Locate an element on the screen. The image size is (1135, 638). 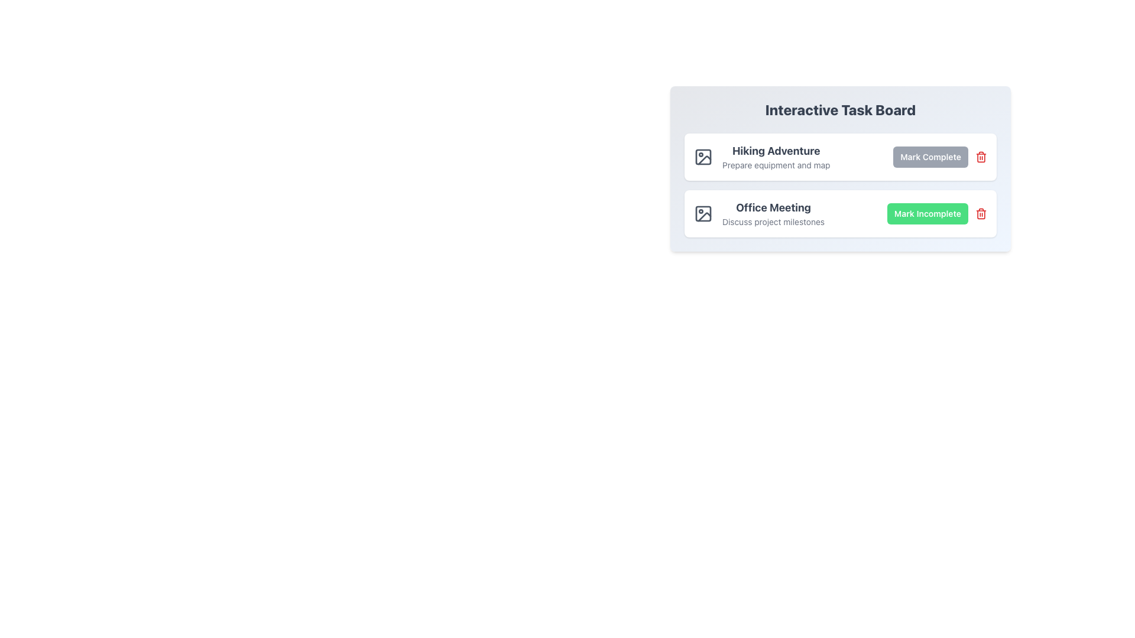
task details from the text and icon group labeled 'Hiking Adventure' with the description 'Prepare equipment and map', located in the upper task card on the right-hand side of the interface is located at coordinates (762, 157).